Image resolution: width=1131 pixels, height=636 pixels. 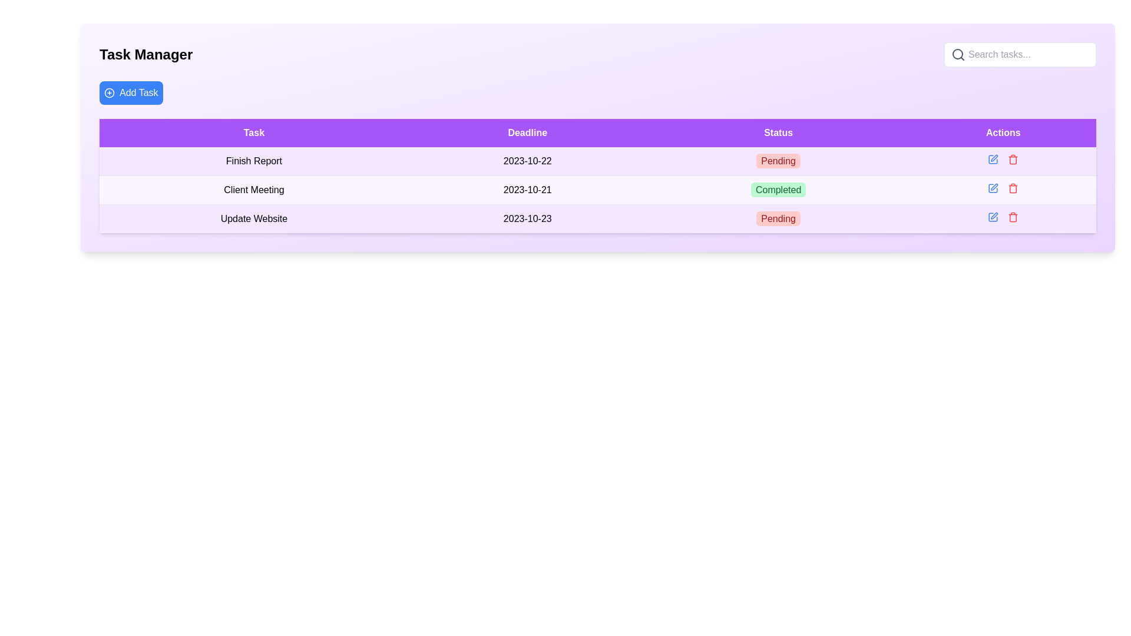 What do you see at coordinates (993, 159) in the screenshot?
I see `the 'Edit' icon in the 'Actions' column for the task 'Finish Report' to modify the task details` at bounding box center [993, 159].